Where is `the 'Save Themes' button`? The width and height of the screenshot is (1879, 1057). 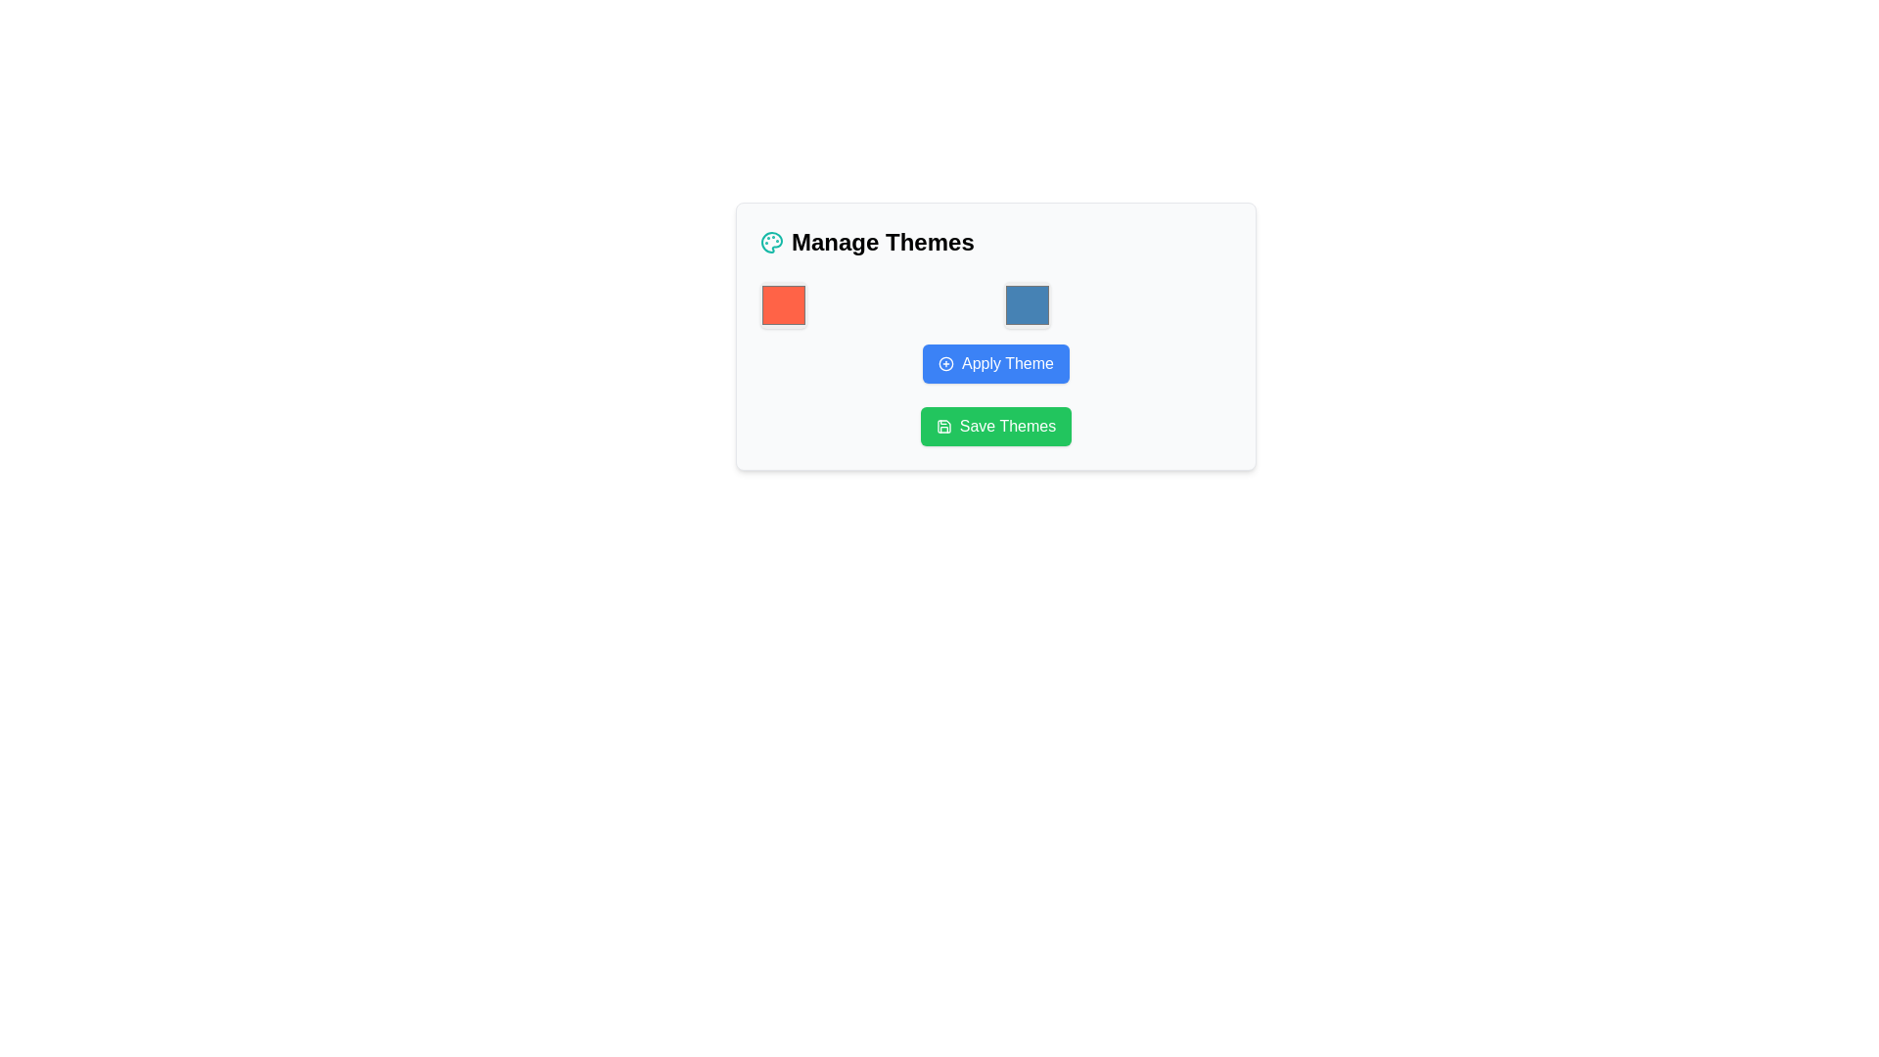
the 'Save Themes' button is located at coordinates (943, 425).